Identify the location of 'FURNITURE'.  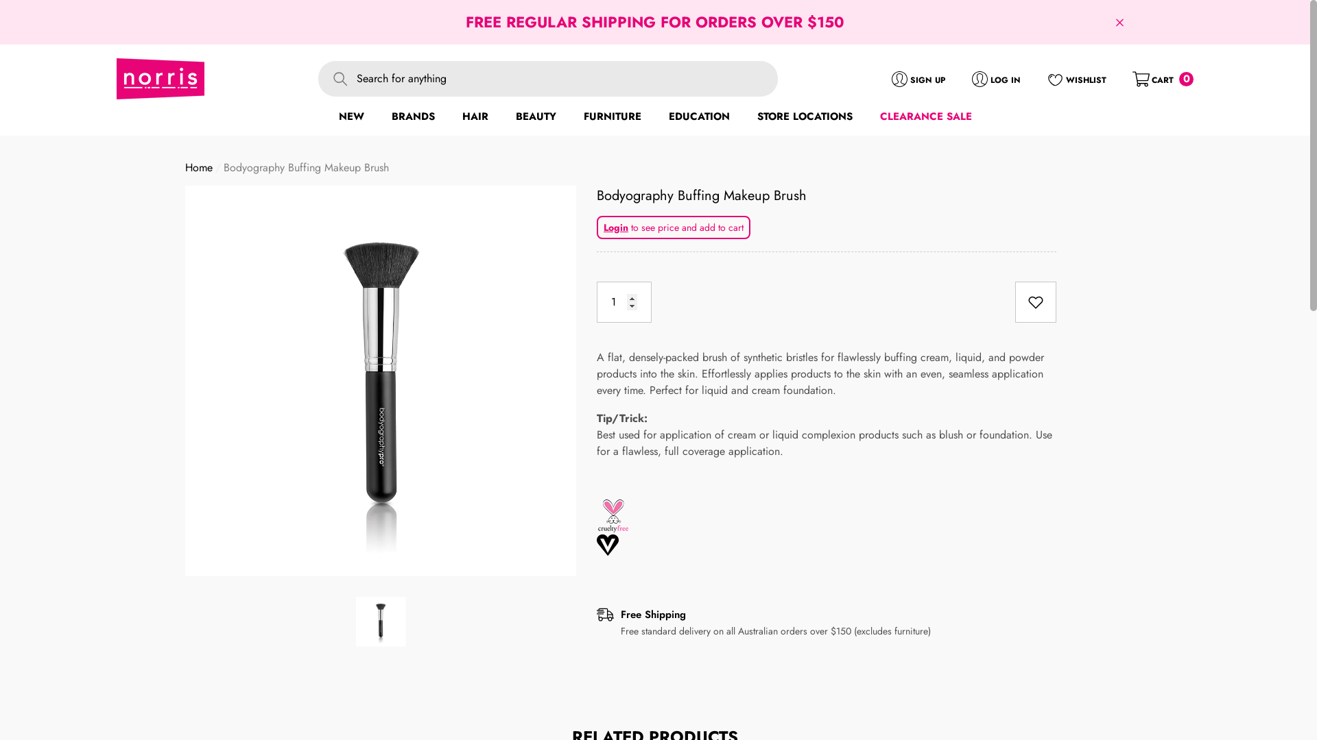
(611, 115).